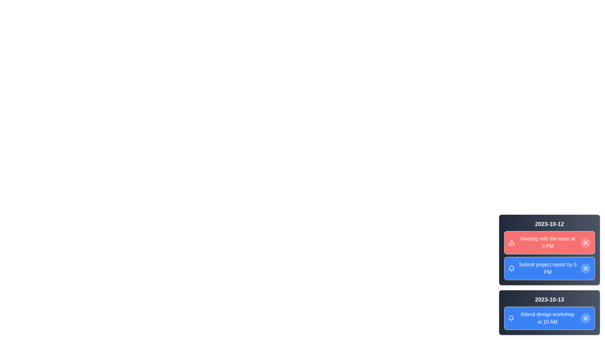 The image size is (605, 340). Describe the element at coordinates (549, 318) in the screenshot. I see `the notification with content 'Attend design workshop at 10 AM'` at that location.